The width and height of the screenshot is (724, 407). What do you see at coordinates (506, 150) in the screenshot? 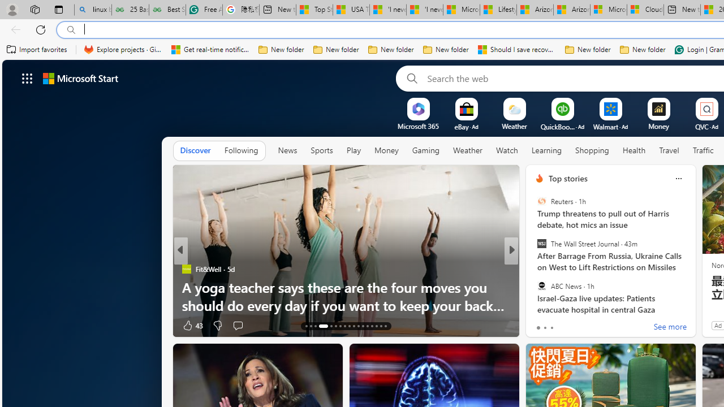
I see `'Watch'` at bounding box center [506, 150].